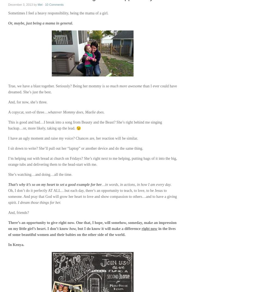 This screenshot has height=292, width=263. What do you see at coordinates (92, 196) in the screenshot?
I see `'Oh, I don’t do it perfectly AT ALL…but each day, there’s an opportunity to teach, to love, to be Jesus to someone. And pray that God will grow her heart to love and show compassion to others…and to have a giving spirit.'` at bounding box center [92, 196].